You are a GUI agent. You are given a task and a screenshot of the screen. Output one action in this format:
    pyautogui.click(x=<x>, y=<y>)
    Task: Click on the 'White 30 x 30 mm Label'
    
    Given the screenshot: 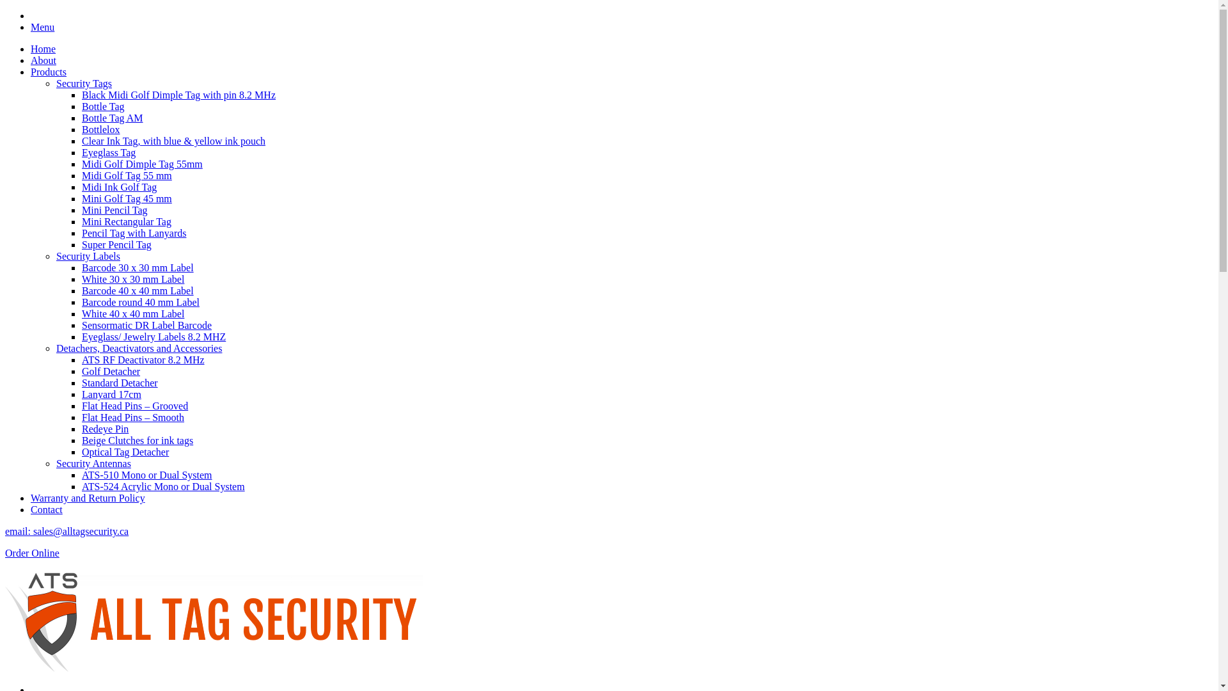 What is the action you would take?
    pyautogui.click(x=81, y=278)
    